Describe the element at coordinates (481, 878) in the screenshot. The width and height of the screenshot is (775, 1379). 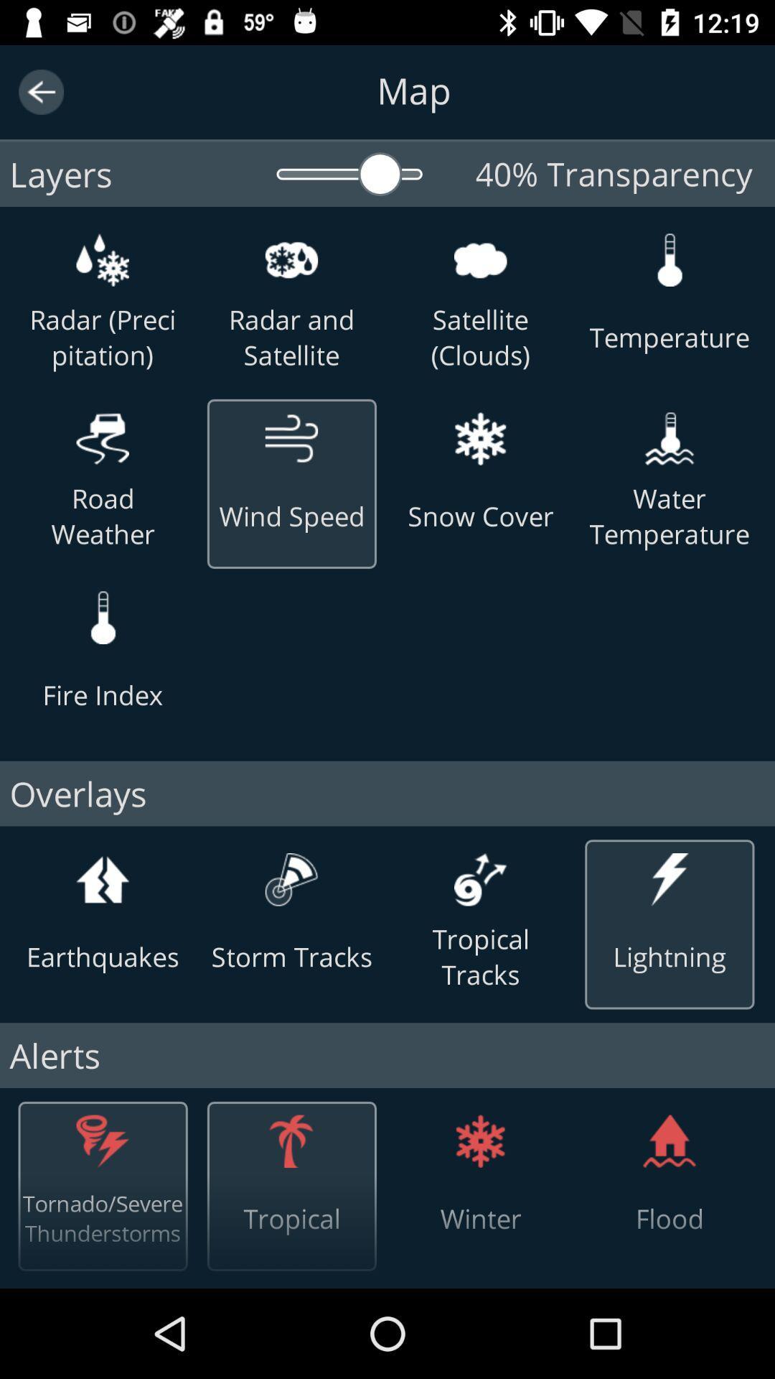
I see `the icon above tropical tracks` at that location.